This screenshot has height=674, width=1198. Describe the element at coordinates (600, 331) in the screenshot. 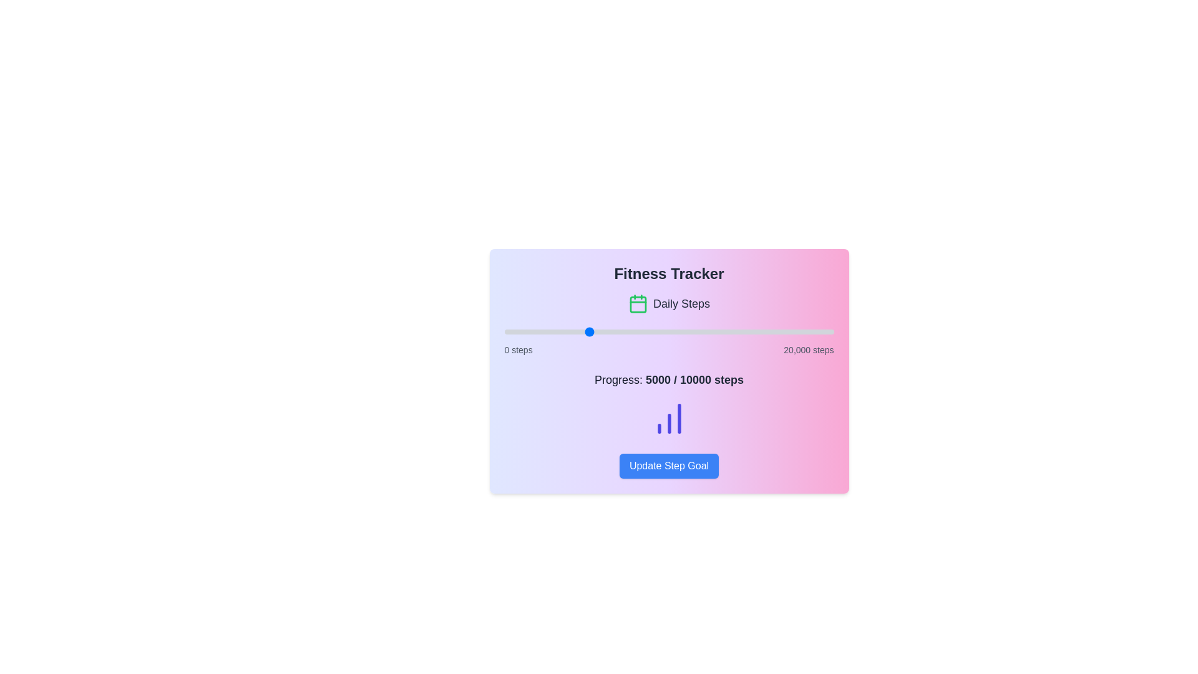

I see `the step progress slider to set the step count to 5808` at that location.